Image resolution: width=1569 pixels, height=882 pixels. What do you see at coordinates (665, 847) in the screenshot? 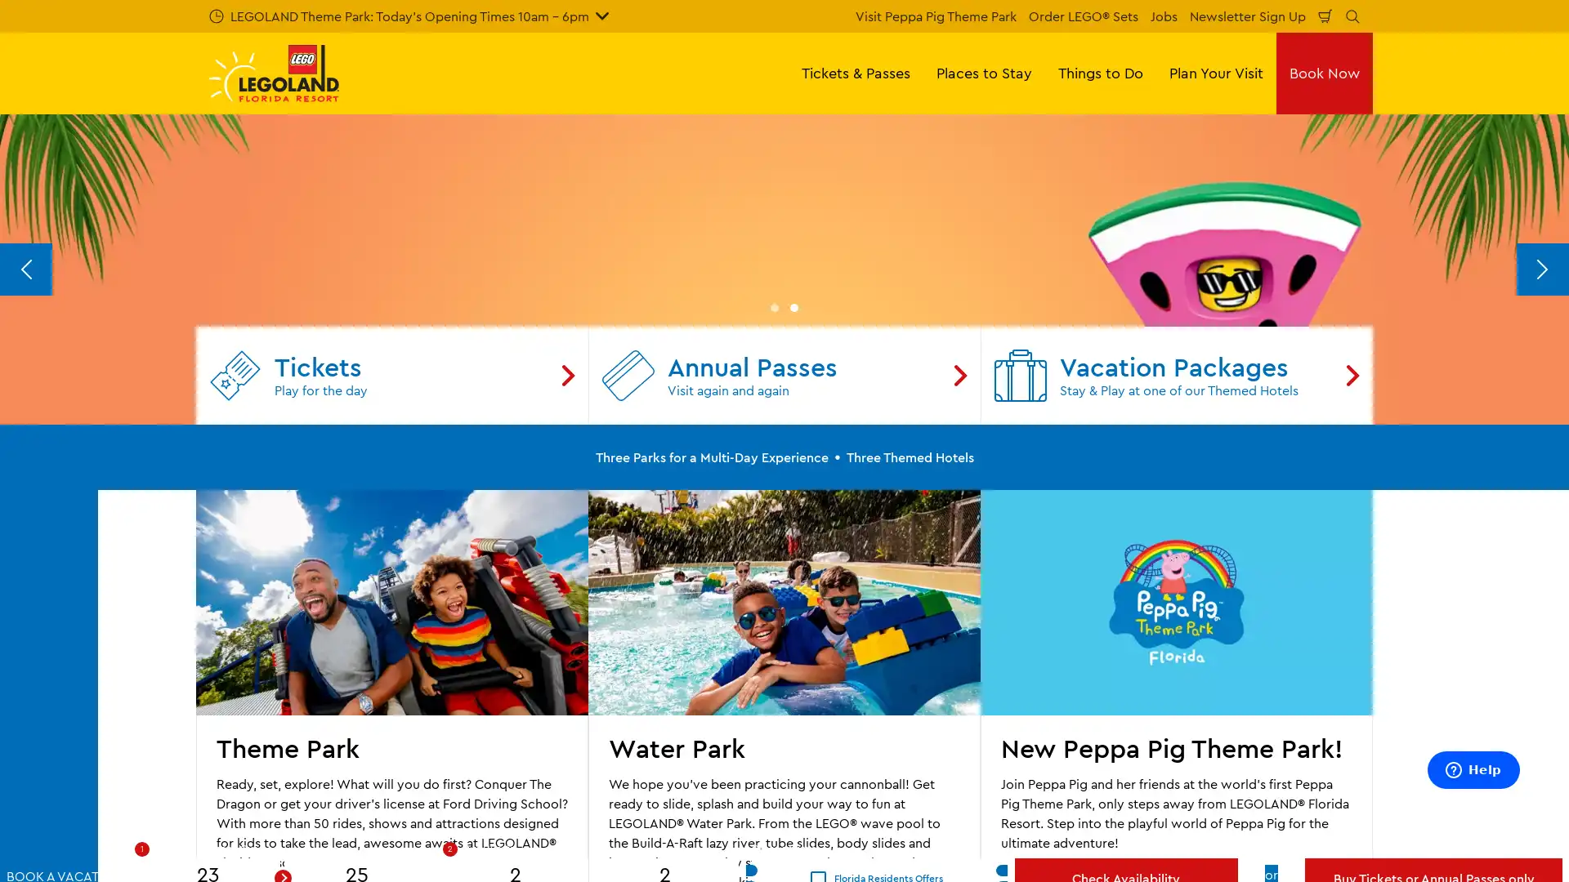
I see `Number of children` at bounding box center [665, 847].